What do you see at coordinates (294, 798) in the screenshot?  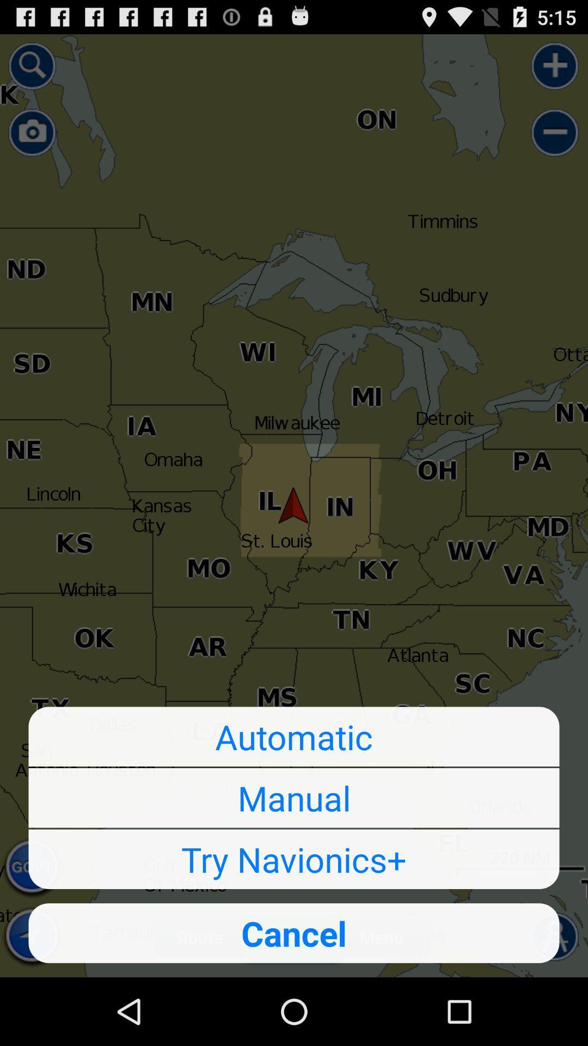 I see `icon above the try navionics+ button` at bounding box center [294, 798].